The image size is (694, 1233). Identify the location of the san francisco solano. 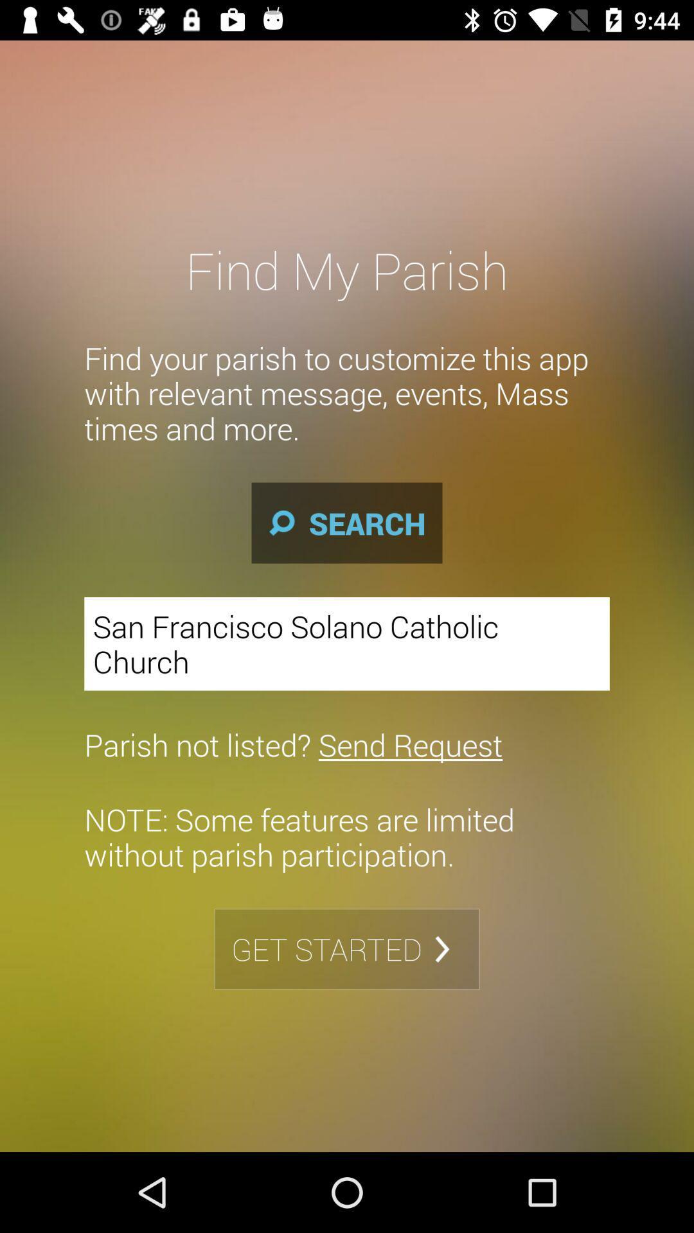
(347, 643).